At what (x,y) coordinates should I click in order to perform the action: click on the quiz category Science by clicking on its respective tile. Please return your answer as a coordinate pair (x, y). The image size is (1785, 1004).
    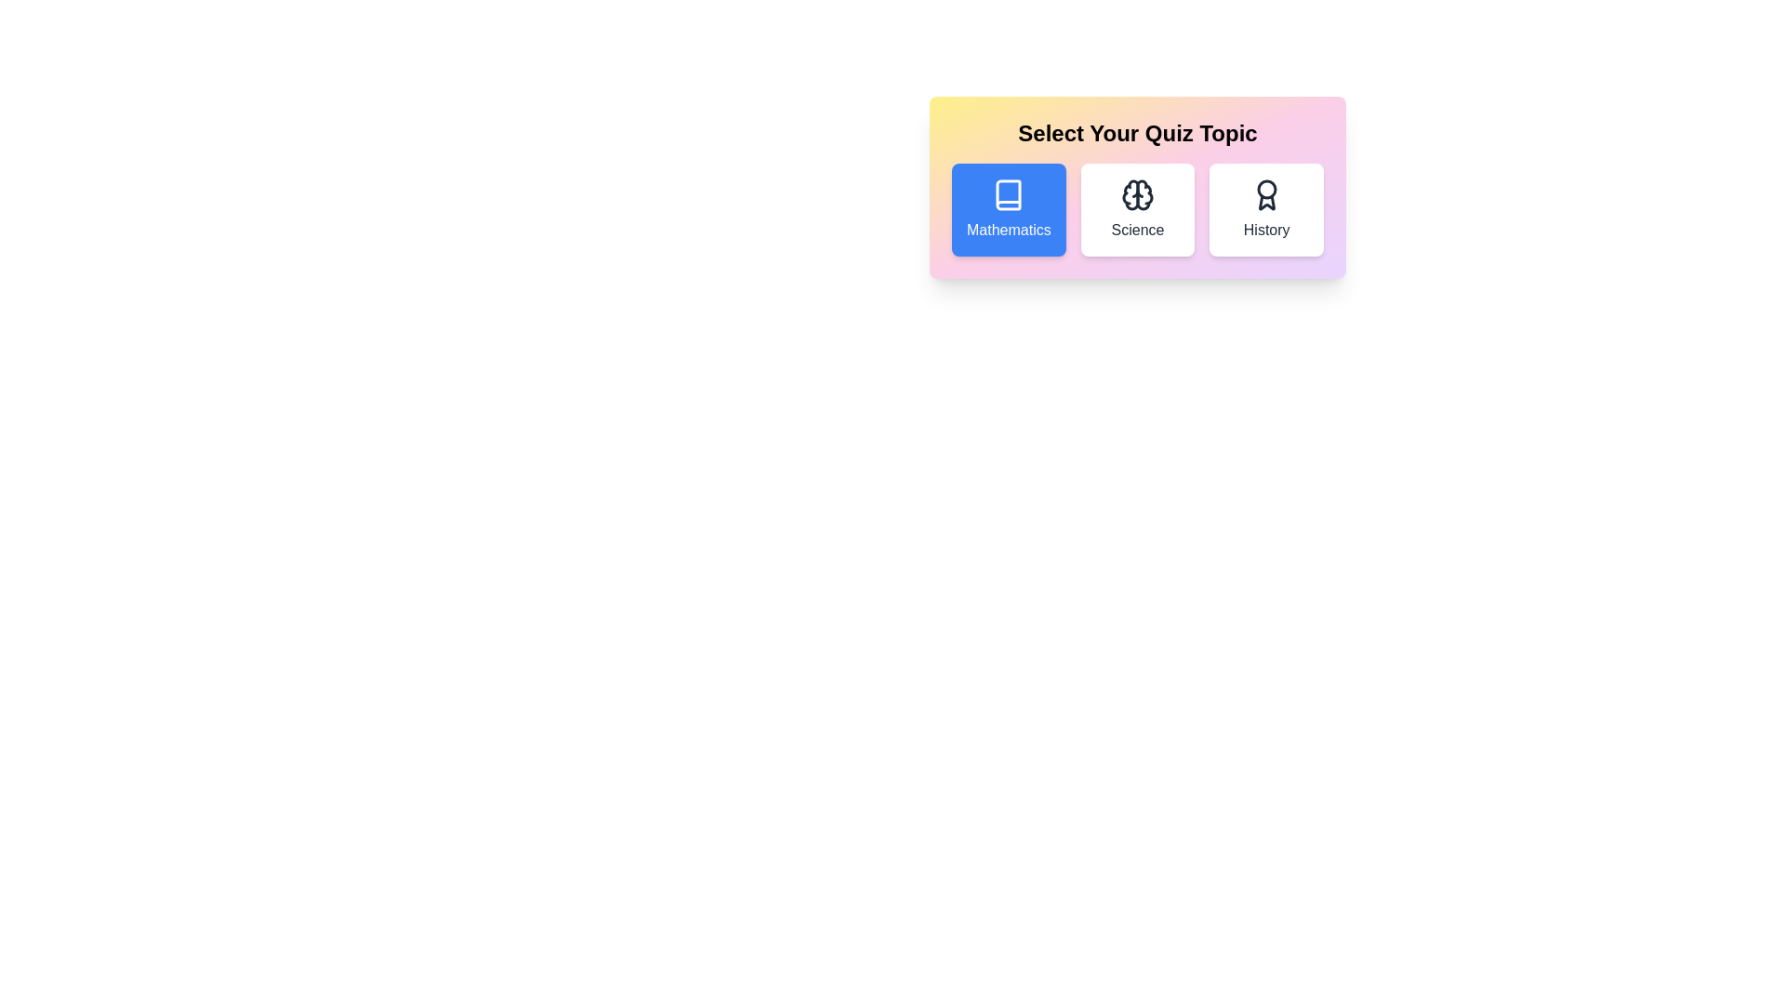
    Looking at the image, I should click on (1137, 209).